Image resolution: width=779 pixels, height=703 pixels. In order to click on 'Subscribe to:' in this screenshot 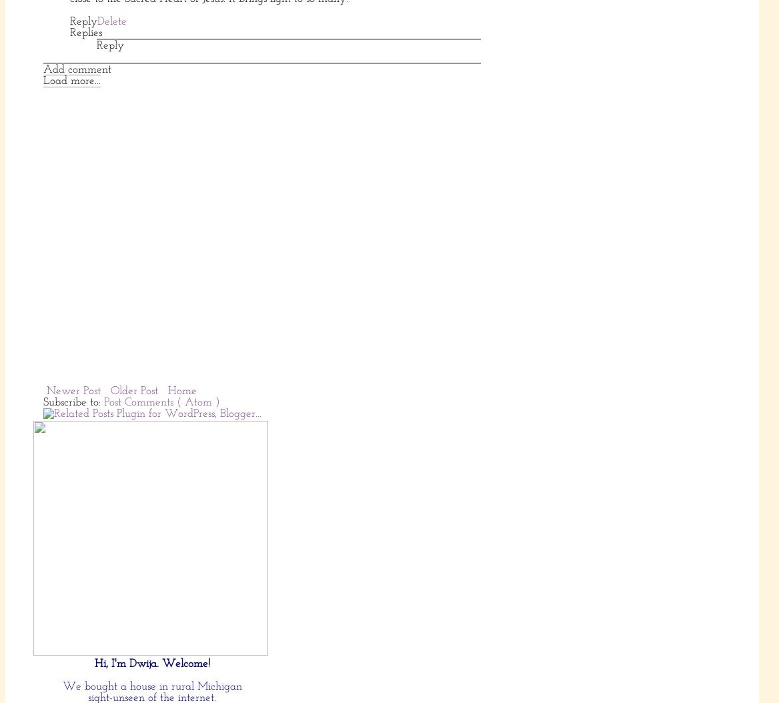, I will do `click(73, 401)`.